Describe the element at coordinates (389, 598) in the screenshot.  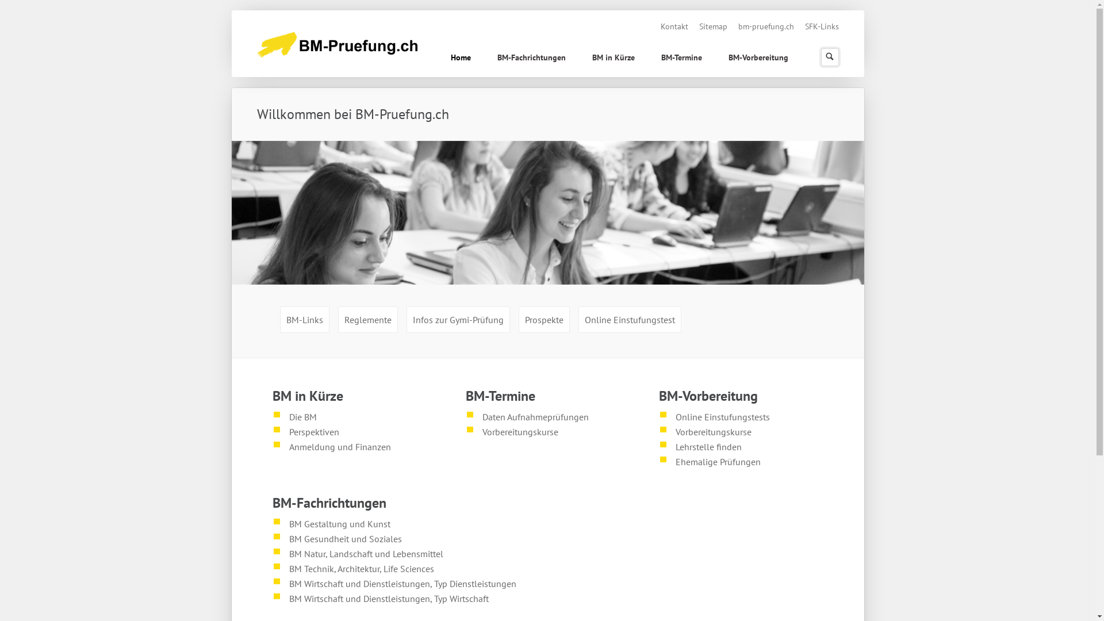
I see `'BM Wirtschaft und Dienstleistungen, Typ Wirtschaft'` at that location.